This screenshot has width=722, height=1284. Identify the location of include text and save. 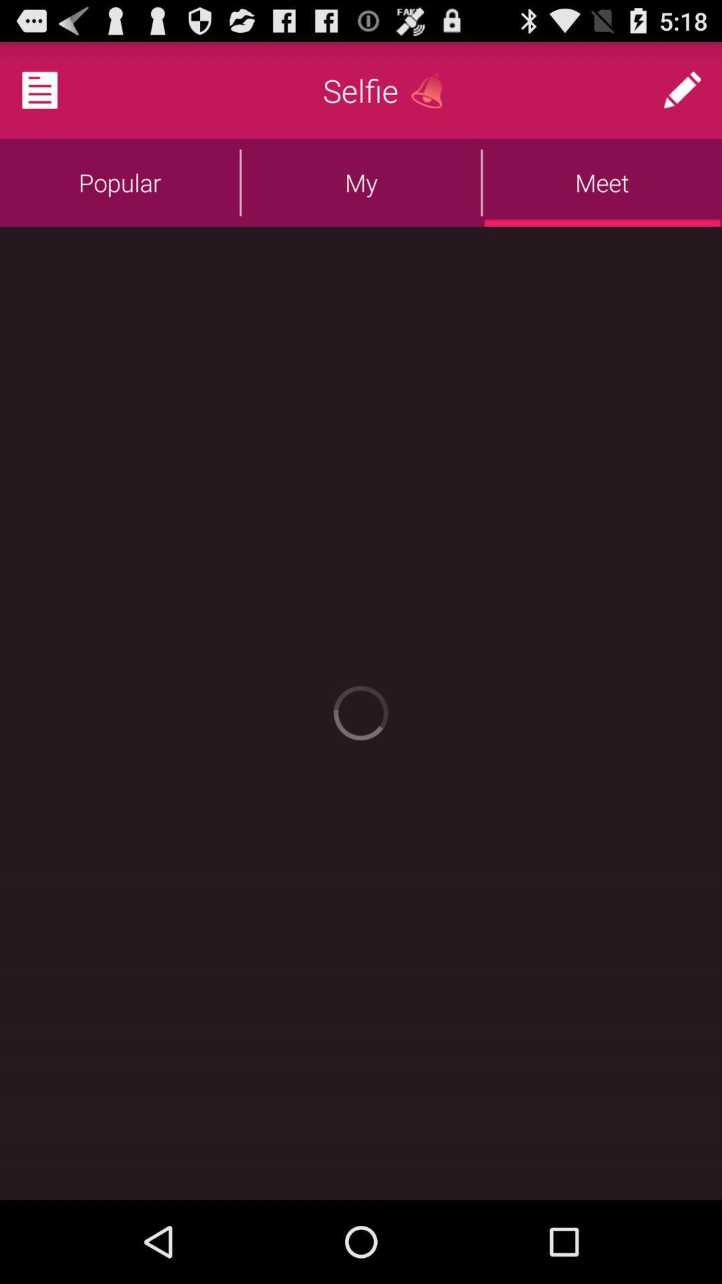
(55, 89).